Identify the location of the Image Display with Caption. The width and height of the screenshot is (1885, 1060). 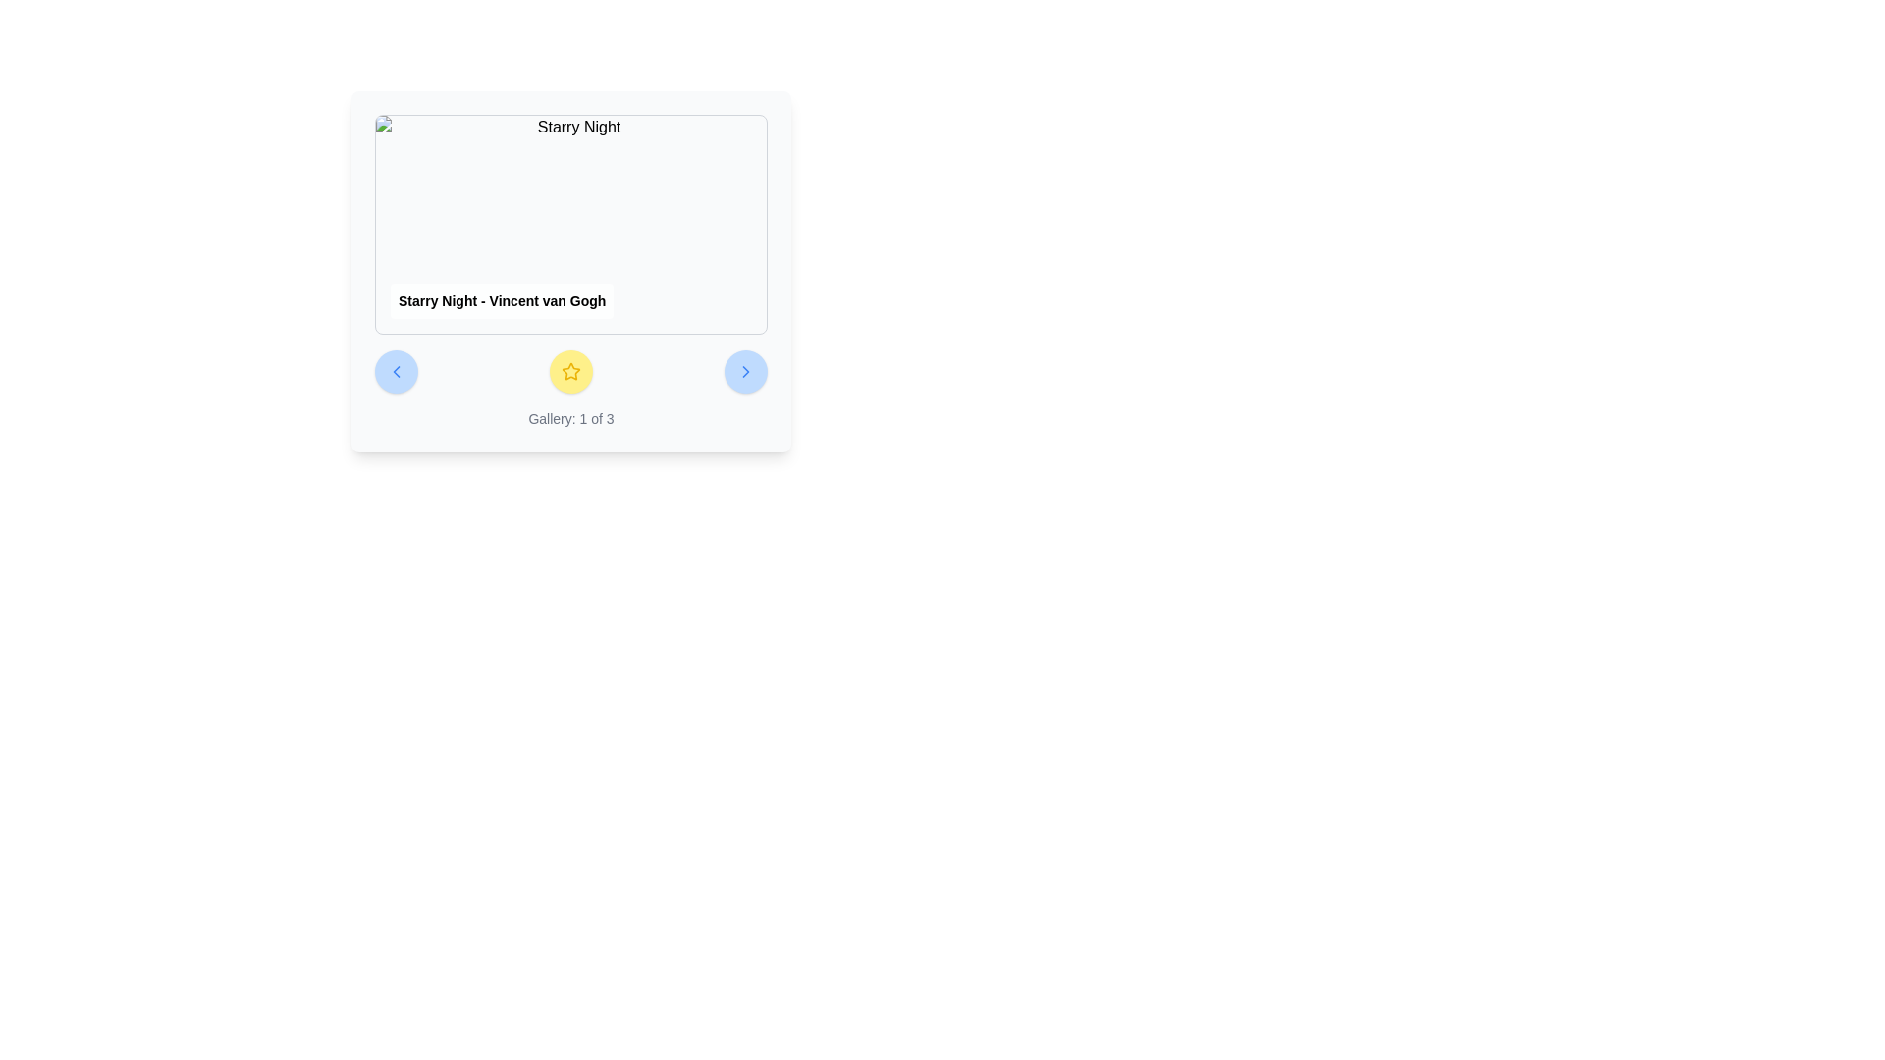
(569, 223).